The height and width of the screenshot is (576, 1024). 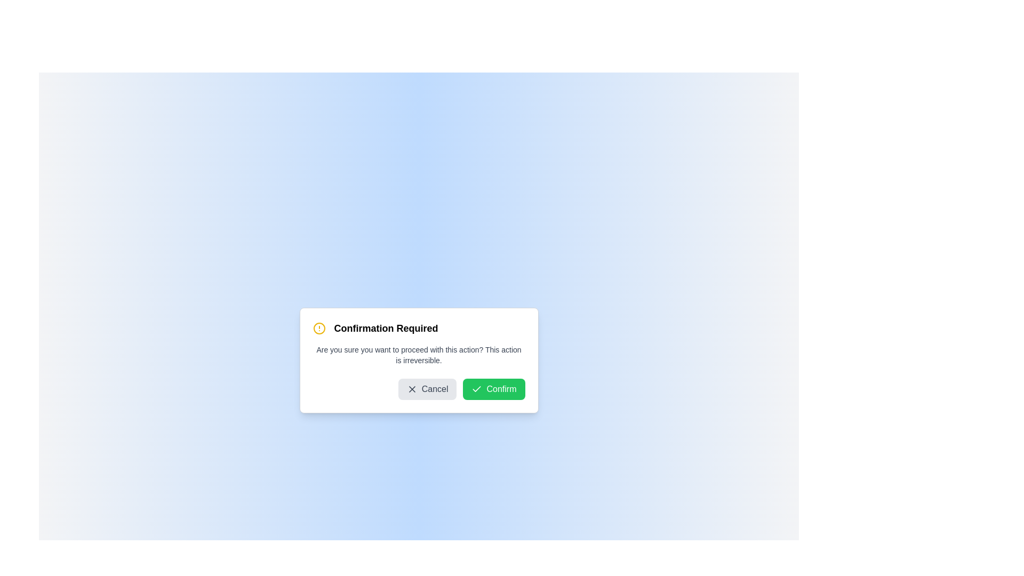 I want to click on the small circular icon with a yellow outline and an exclamation mark, which is associated with a confirmation dialog, located left of the 'Confirmation Required' heading, so click(x=318, y=328).